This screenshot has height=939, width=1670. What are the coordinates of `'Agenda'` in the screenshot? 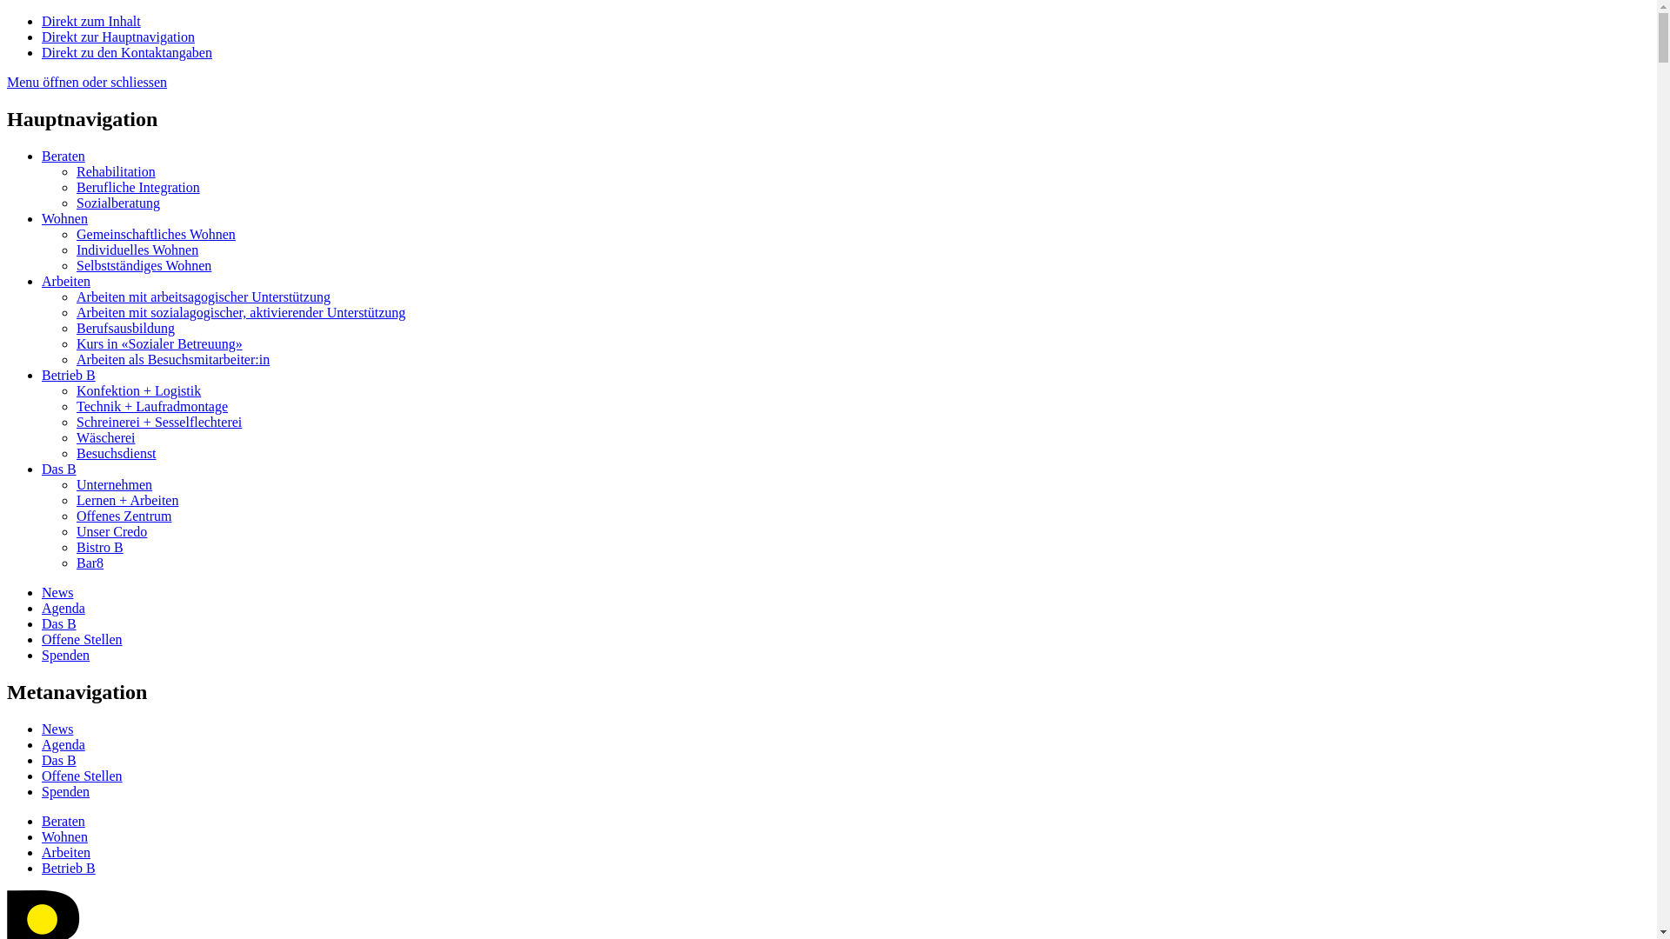 It's located at (63, 607).